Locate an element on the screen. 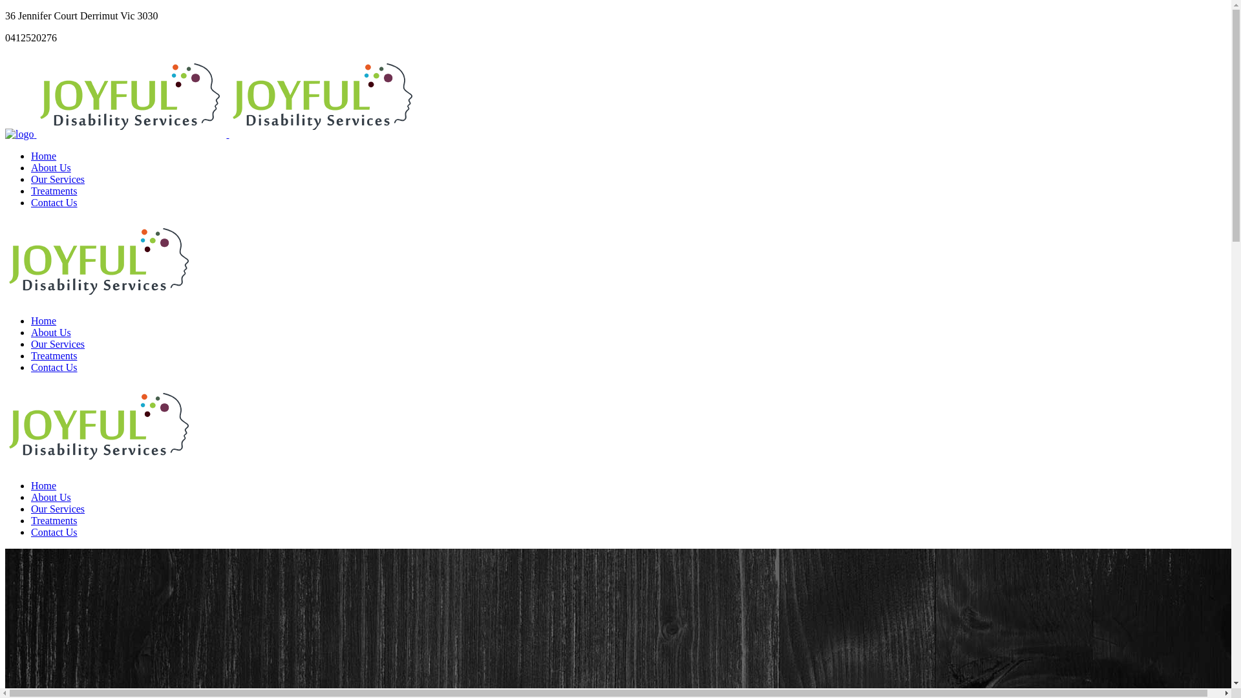 The height and width of the screenshot is (698, 1241). 'Home' is located at coordinates (43, 155).